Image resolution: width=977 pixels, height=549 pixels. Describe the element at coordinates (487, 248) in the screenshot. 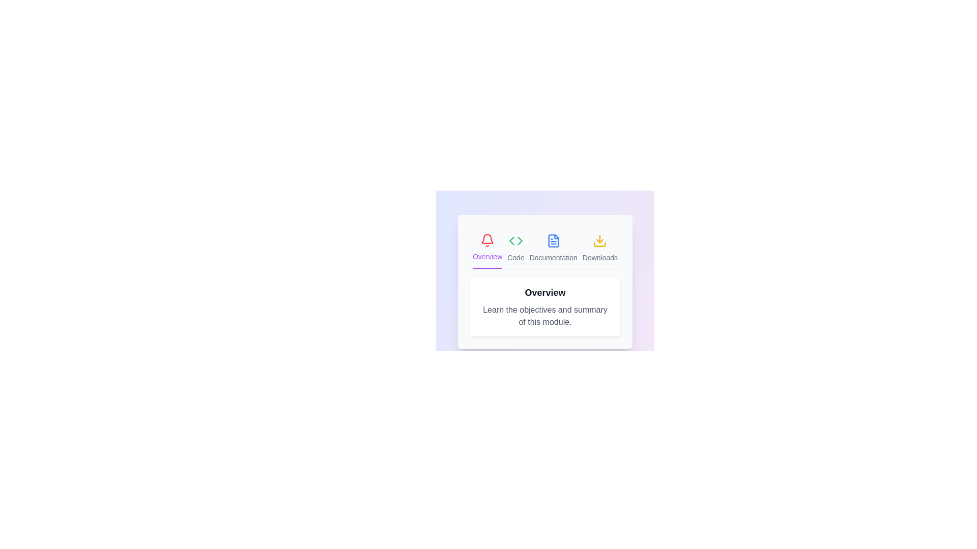

I see `the tab labeled Overview` at that location.